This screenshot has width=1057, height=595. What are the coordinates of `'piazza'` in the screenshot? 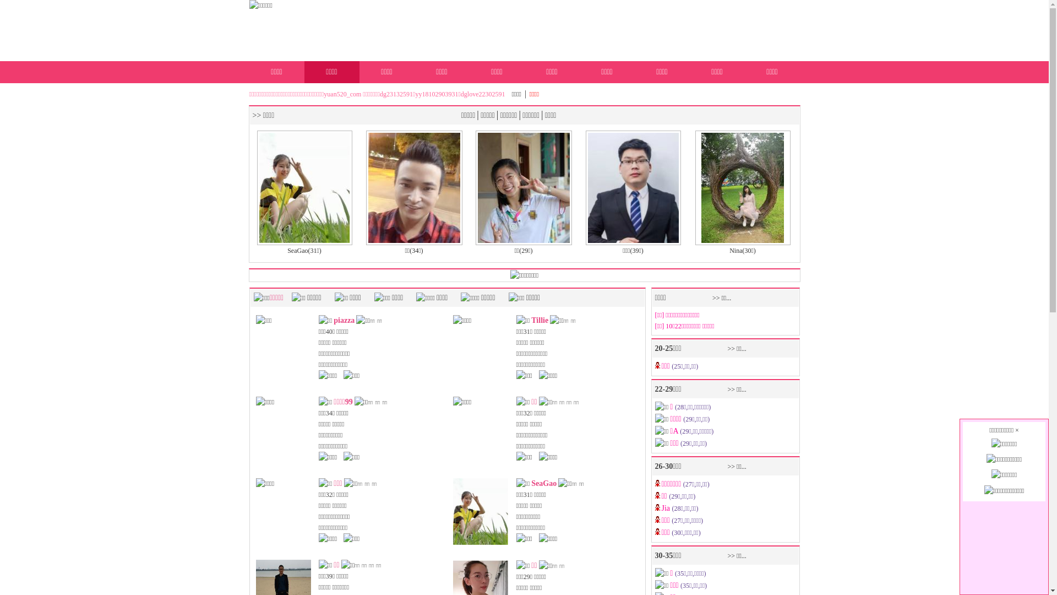 It's located at (333, 320).